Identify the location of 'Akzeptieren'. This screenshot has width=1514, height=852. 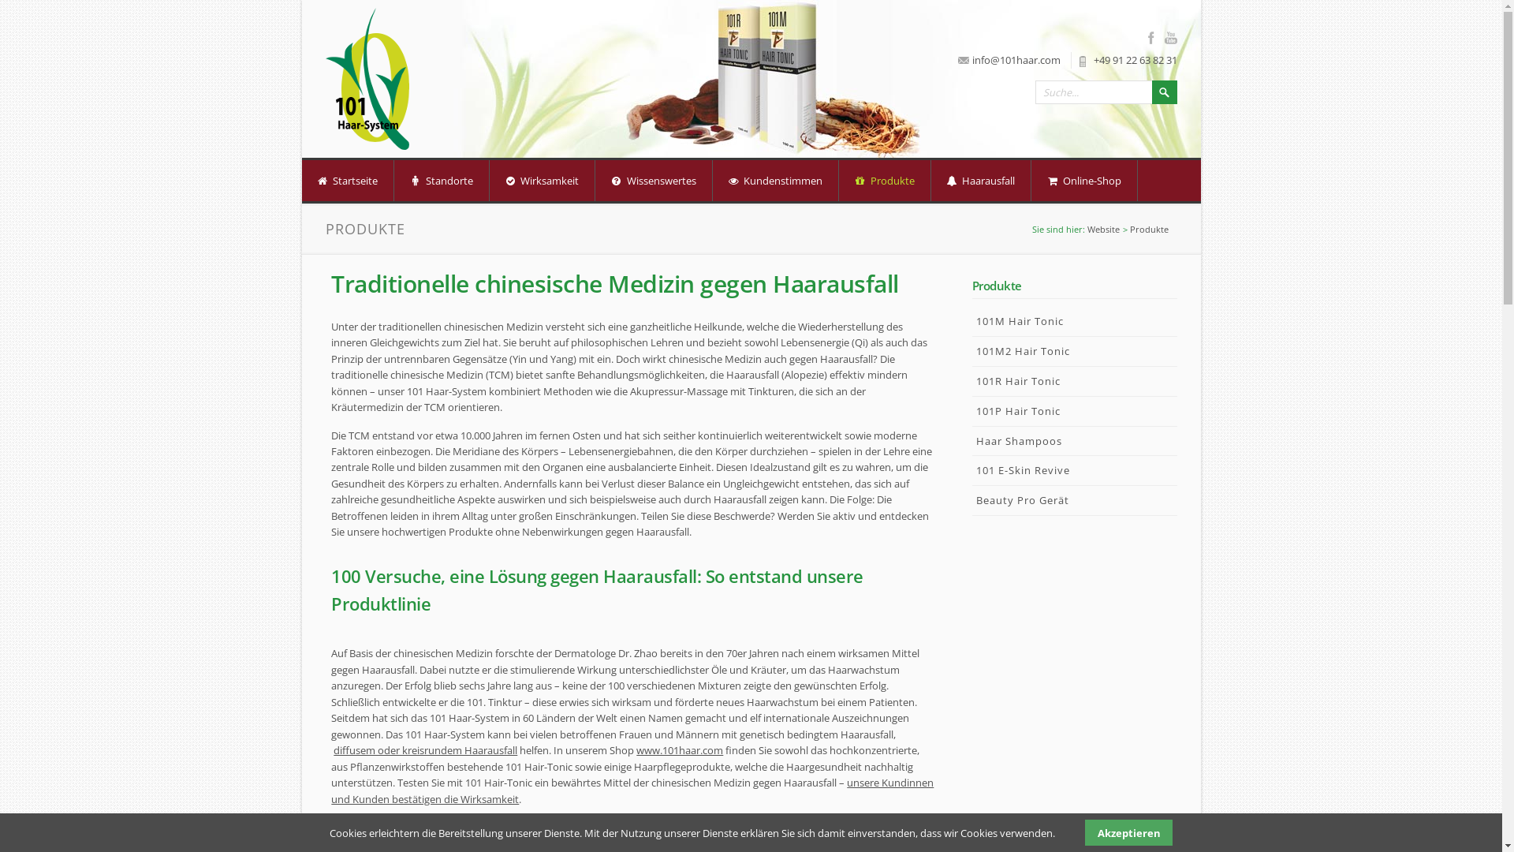
(1127, 831).